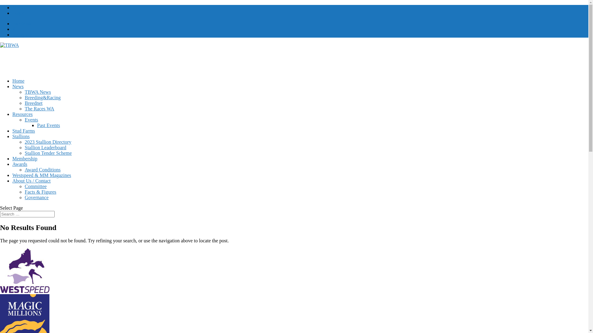 The height and width of the screenshot is (333, 593). What do you see at coordinates (41, 175) in the screenshot?
I see `'Westspeed & MM Magazines'` at bounding box center [41, 175].